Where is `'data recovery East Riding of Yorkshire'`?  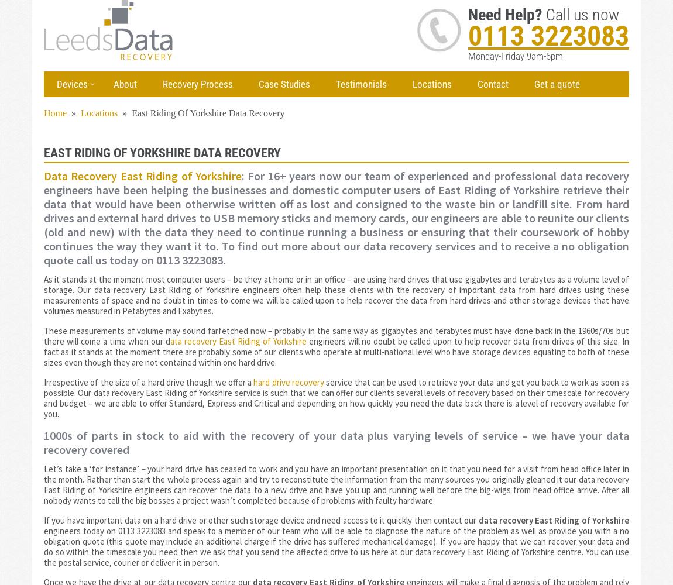
'data recovery East Riding of Yorkshire' is located at coordinates (553, 520).